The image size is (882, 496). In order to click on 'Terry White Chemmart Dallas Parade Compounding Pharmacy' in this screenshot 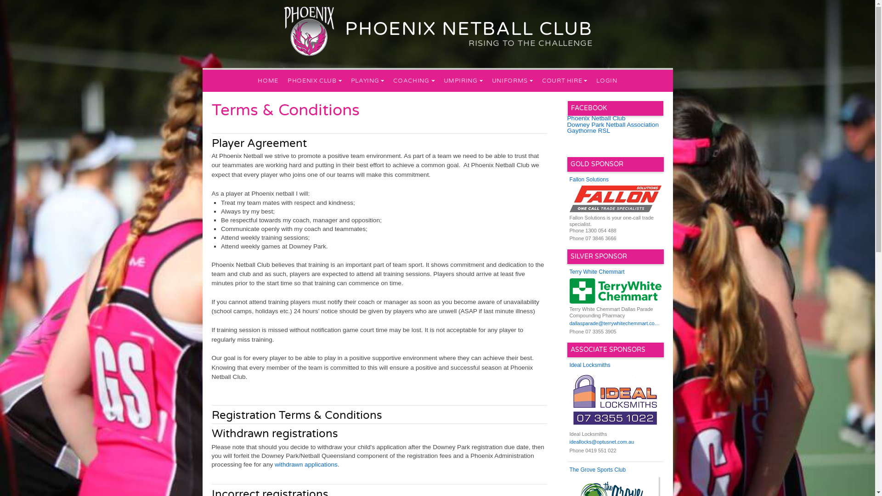, I will do `click(615, 299)`.